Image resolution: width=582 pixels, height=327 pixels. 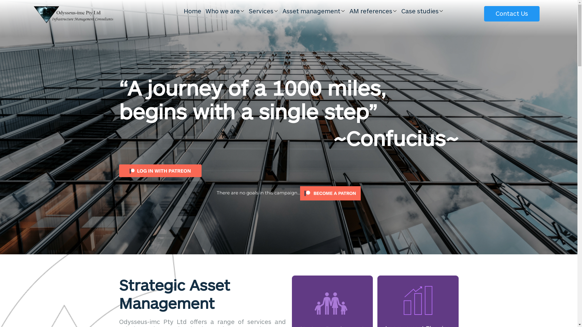 What do you see at coordinates (511, 14) in the screenshot?
I see `'Contact Us'` at bounding box center [511, 14].